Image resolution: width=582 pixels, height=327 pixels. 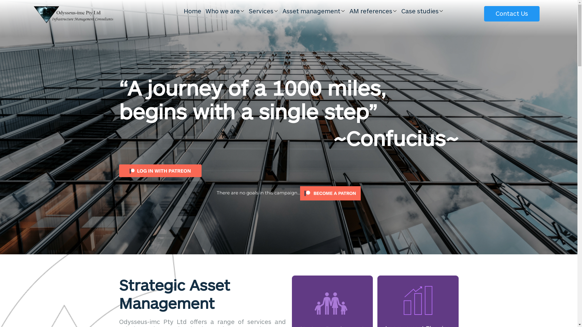 What do you see at coordinates (511, 14) in the screenshot?
I see `'Contact Us'` at bounding box center [511, 14].